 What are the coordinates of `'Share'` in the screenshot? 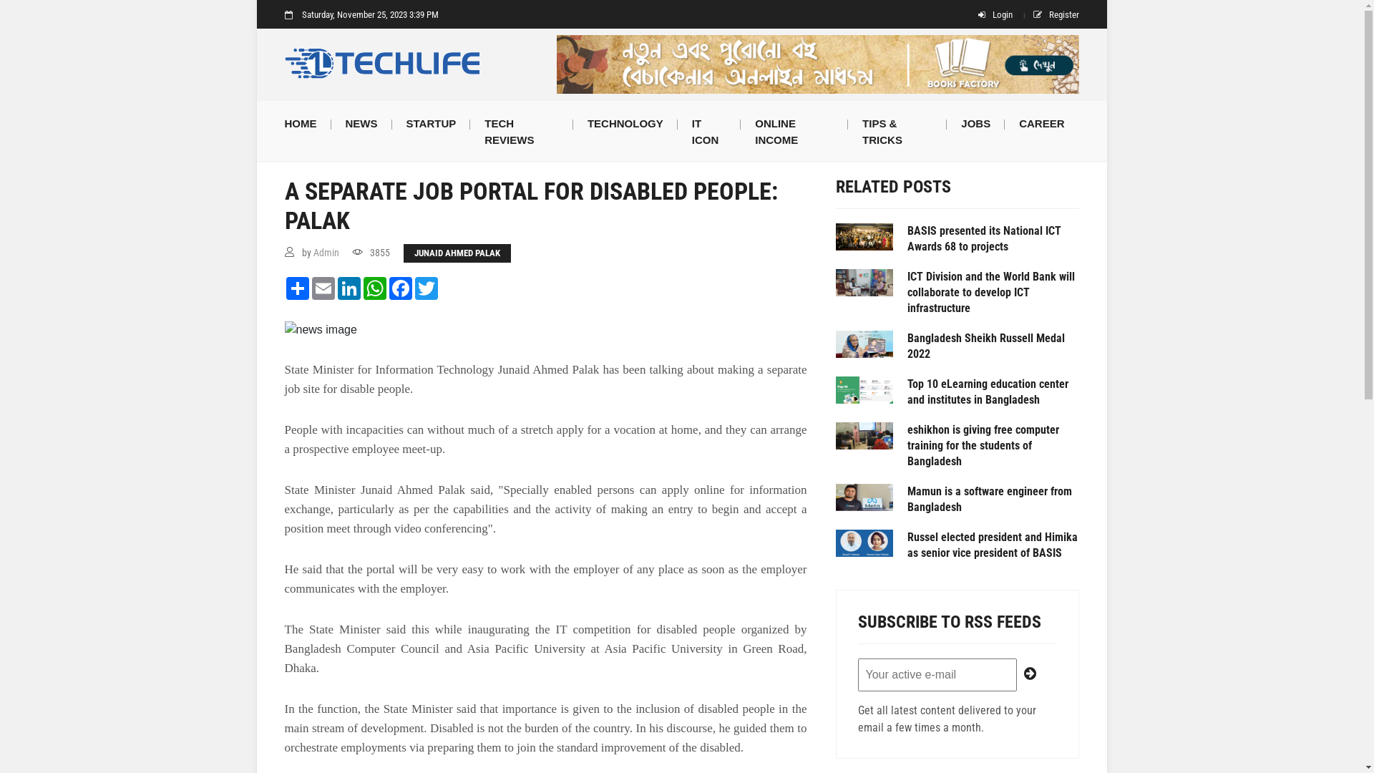 It's located at (297, 288).